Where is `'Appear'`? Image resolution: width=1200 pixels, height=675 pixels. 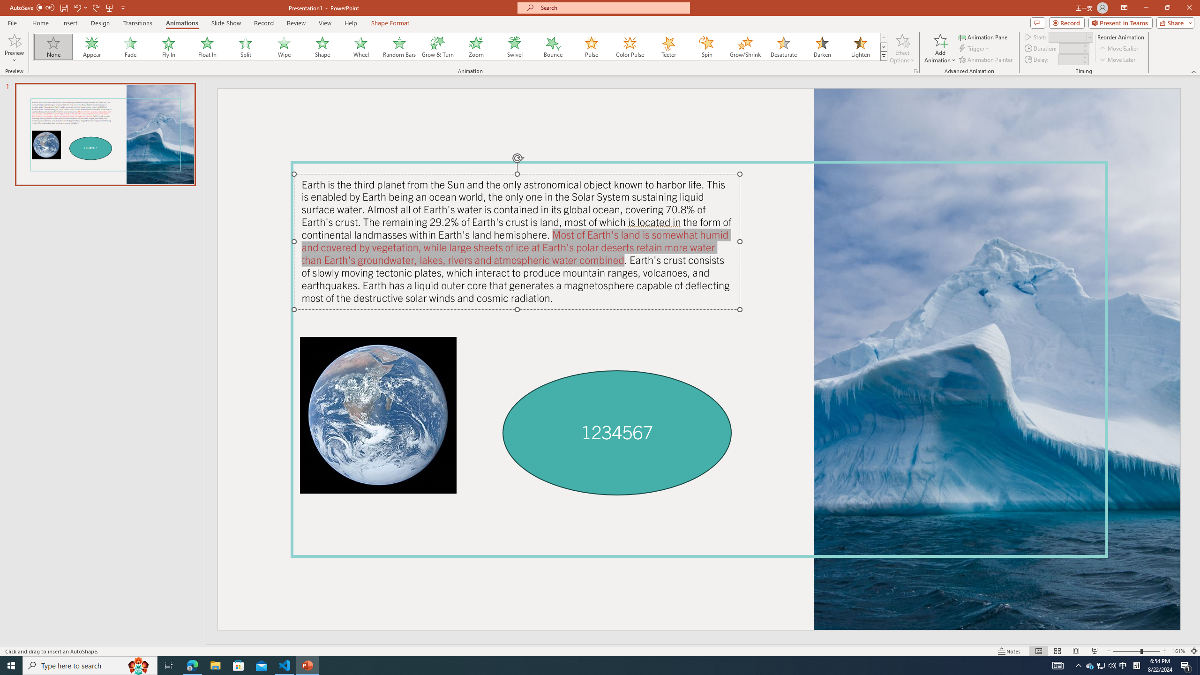
'Appear' is located at coordinates (92, 46).